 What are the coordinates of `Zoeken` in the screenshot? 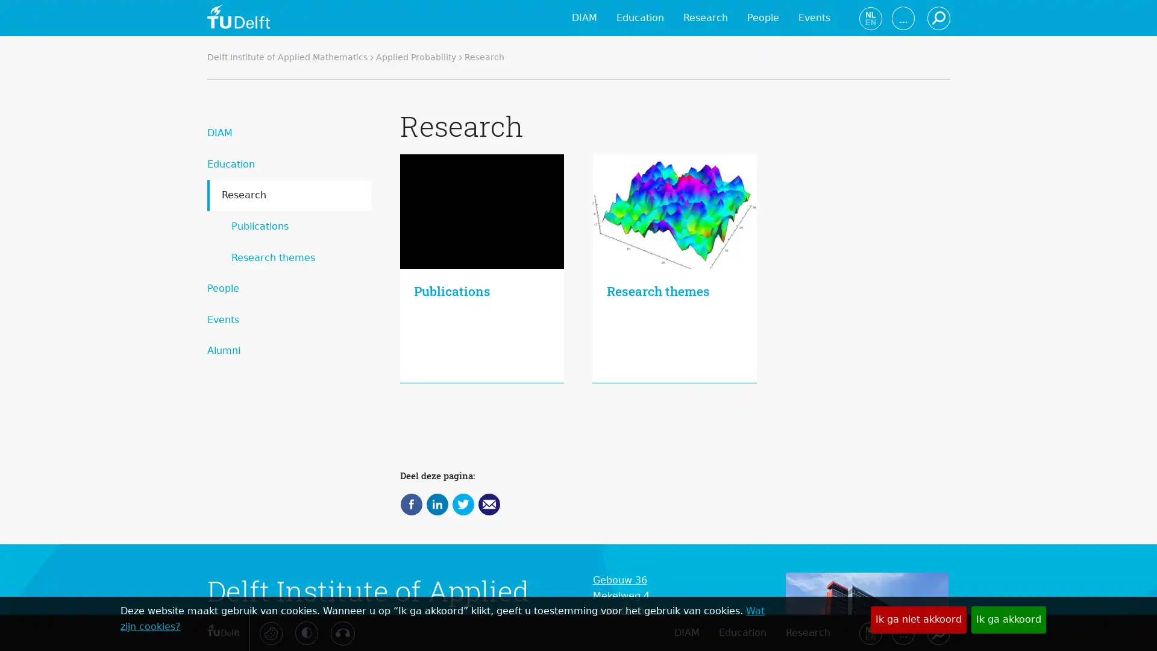 It's located at (937, 18).